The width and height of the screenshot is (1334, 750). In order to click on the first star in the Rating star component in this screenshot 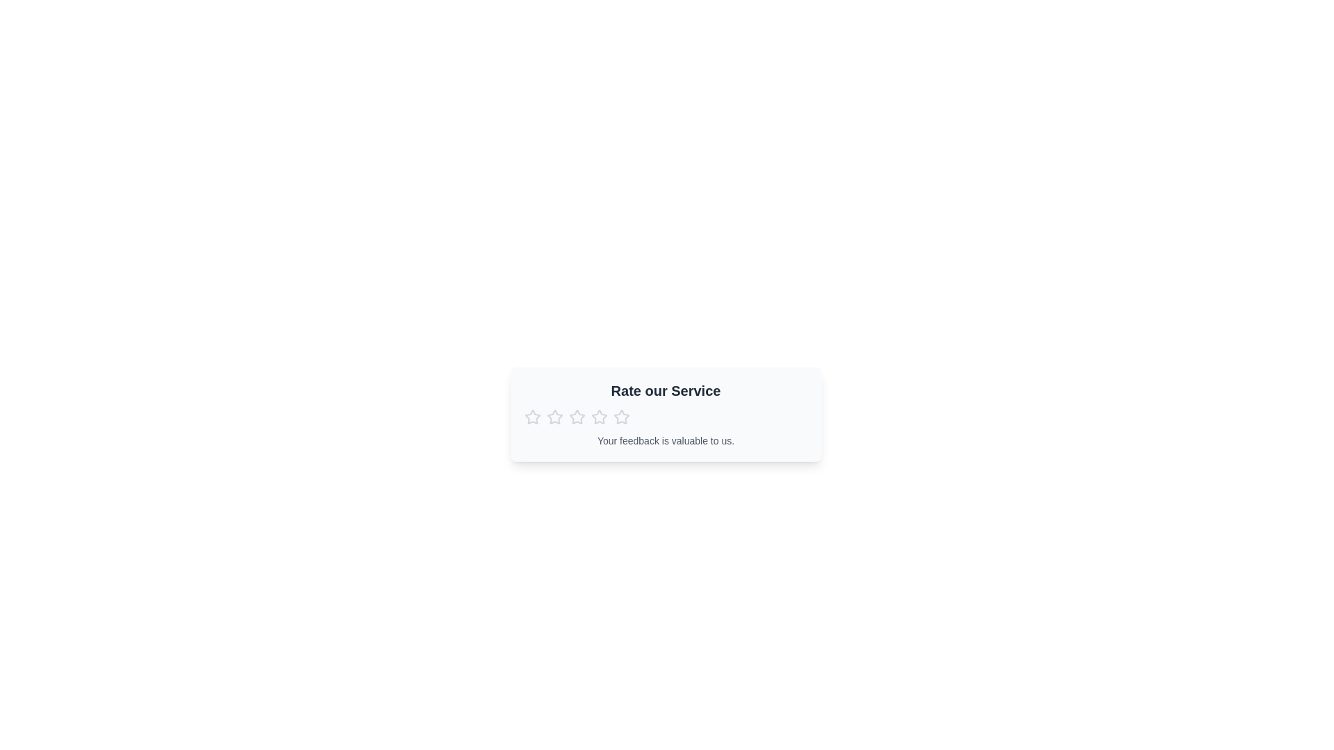, I will do `click(532, 416)`.